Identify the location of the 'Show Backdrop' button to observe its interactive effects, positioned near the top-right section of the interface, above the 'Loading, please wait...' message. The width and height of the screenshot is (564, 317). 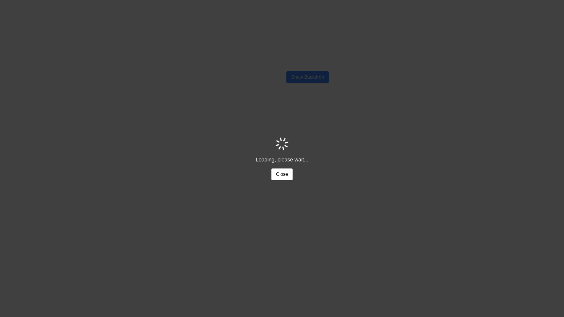
(307, 77).